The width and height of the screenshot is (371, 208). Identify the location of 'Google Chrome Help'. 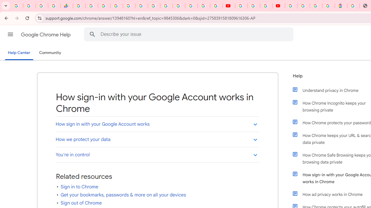
(46, 34).